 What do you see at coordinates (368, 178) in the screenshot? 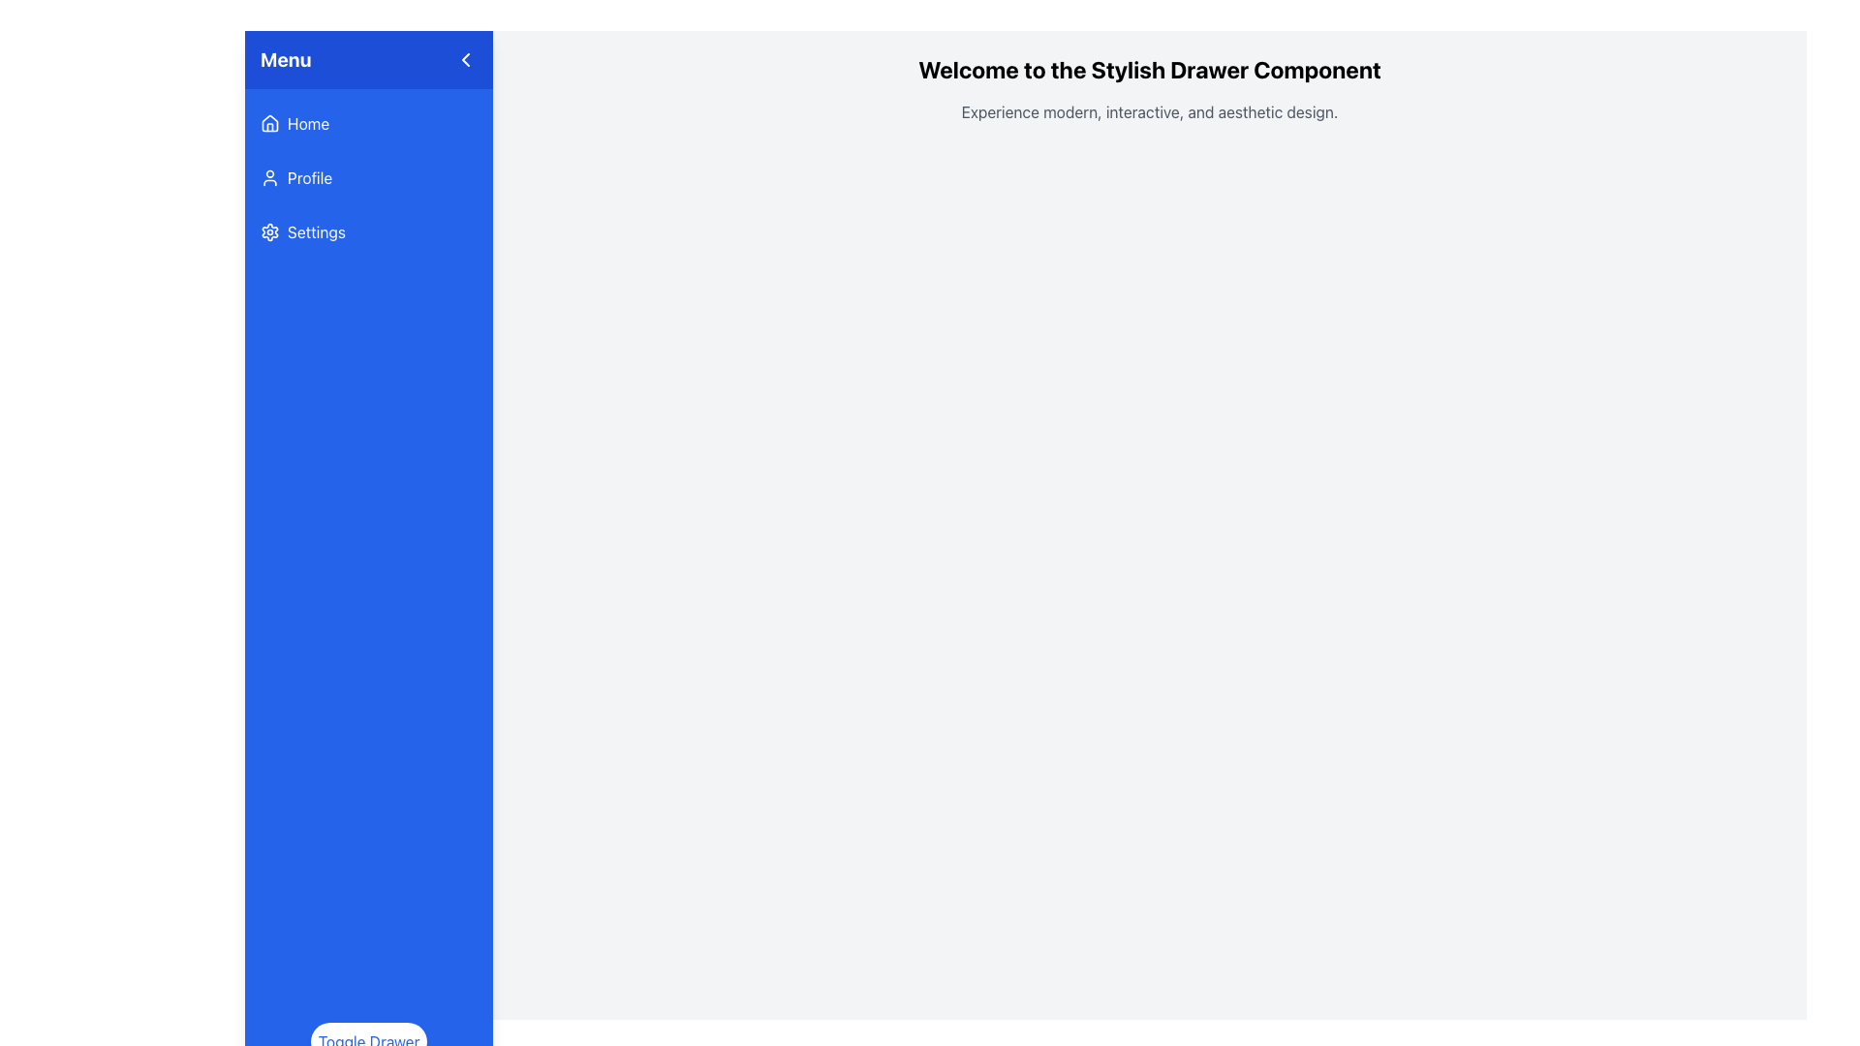
I see `the 'Profile' menu item, which is the second item in the vertical list of menu options in the sidebar` at bounding box center [368, 178].